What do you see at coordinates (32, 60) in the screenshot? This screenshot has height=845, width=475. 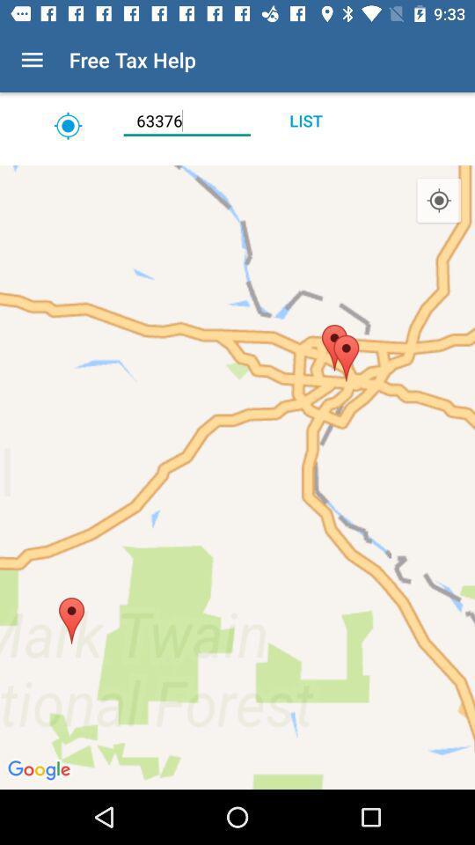 I see `the icon to the left of free tax help` at bounding box center [32, 60].